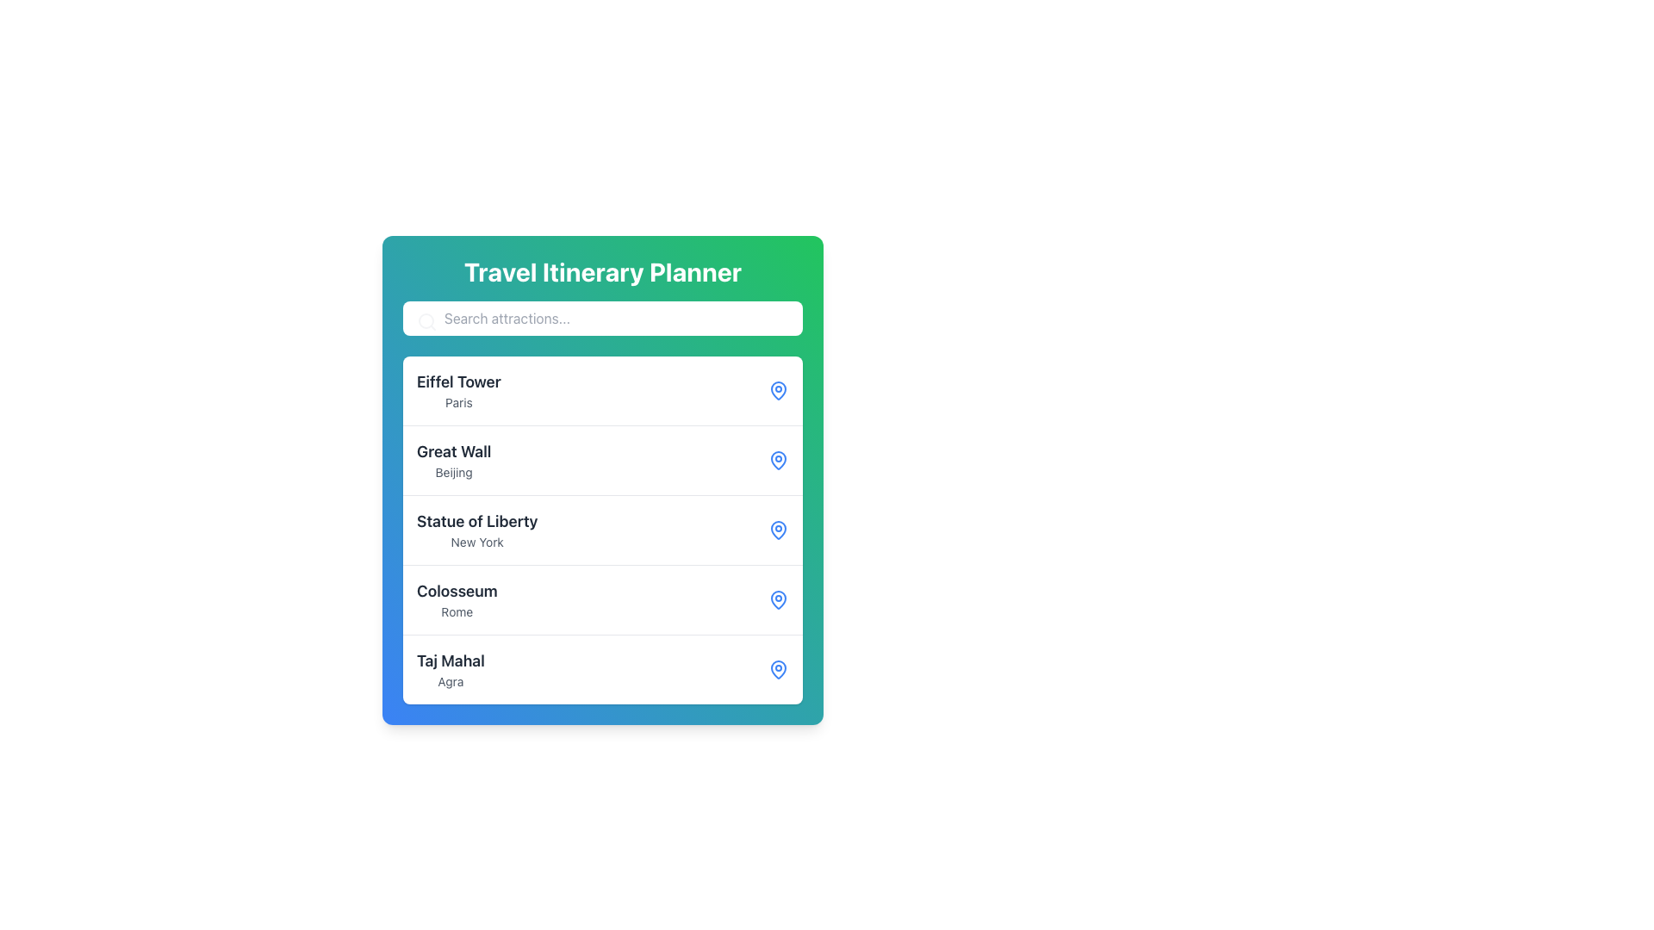 The image size is (1654, 930). What do you see at coordinates (777, 391) in the screenshot?
I see `the location indicator icon for the 'Eiffel Tower' list item, which is positioned at the right end of the text 'Eiffel Tower' and 'Paris'` at bounding box center [777, 391].